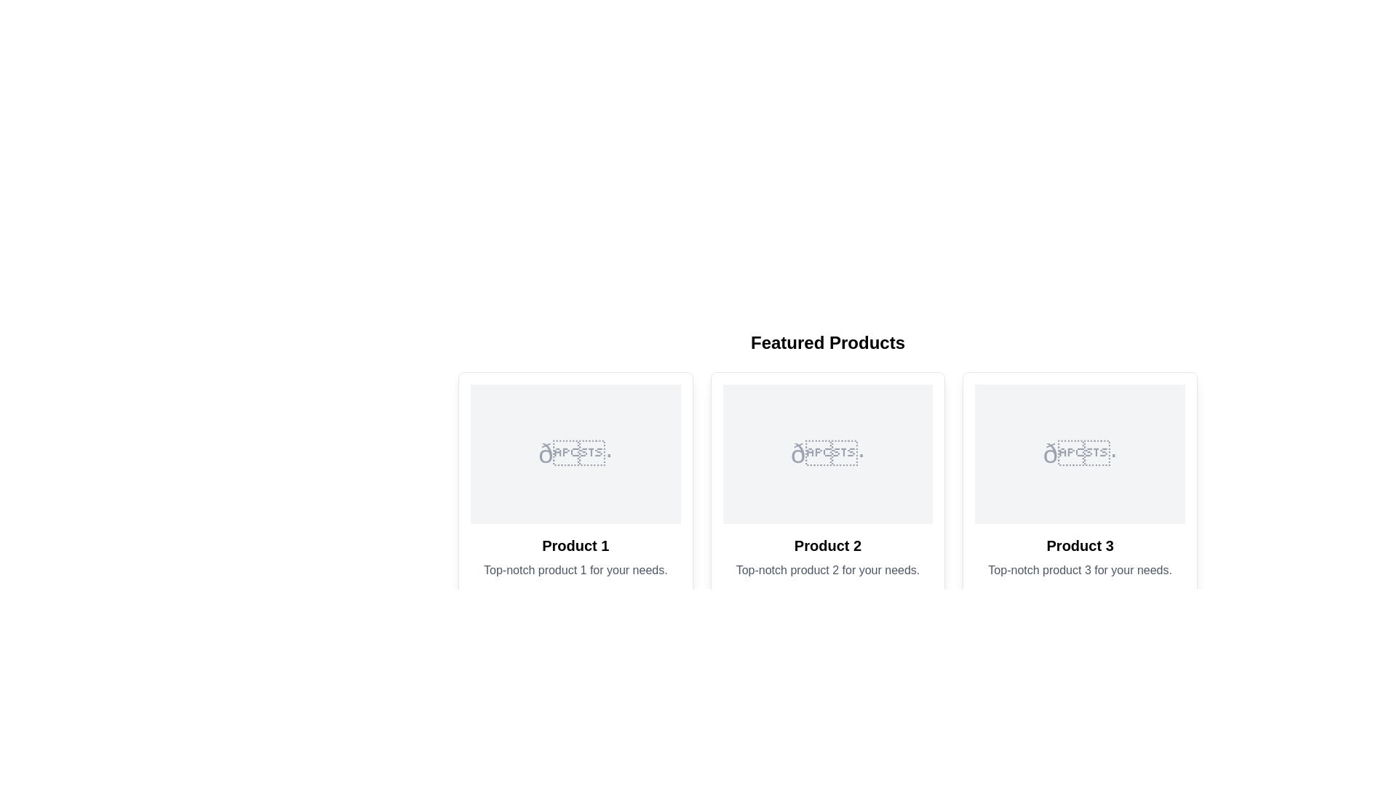 This screenshot has width=1397, height=785. Describe the element at coordinates (575, 570) in the screenshot. I see `the muted gray text label reading 'Top-notch product 1 for your needs.' located below 'Product 1' in the first product card` at that location.